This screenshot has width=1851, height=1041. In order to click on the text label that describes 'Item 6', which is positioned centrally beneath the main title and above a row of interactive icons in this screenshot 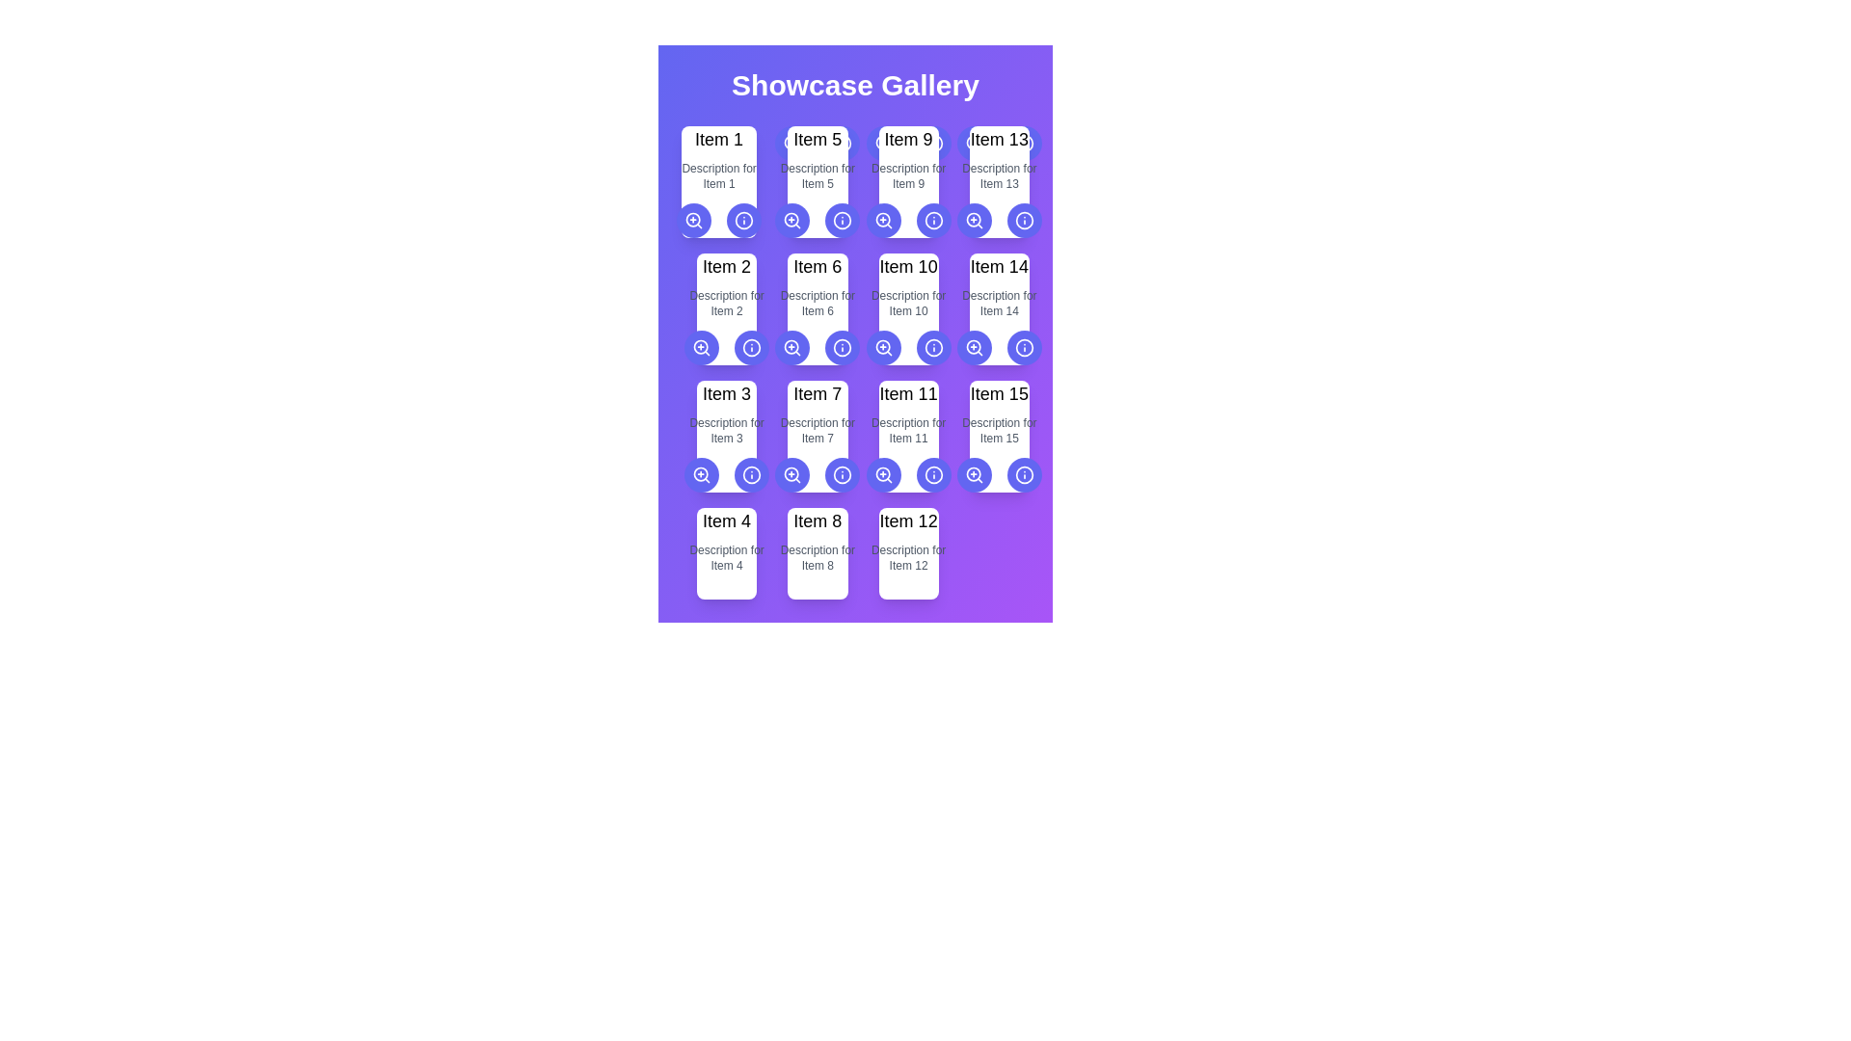, I will do `click(818, 304)`.